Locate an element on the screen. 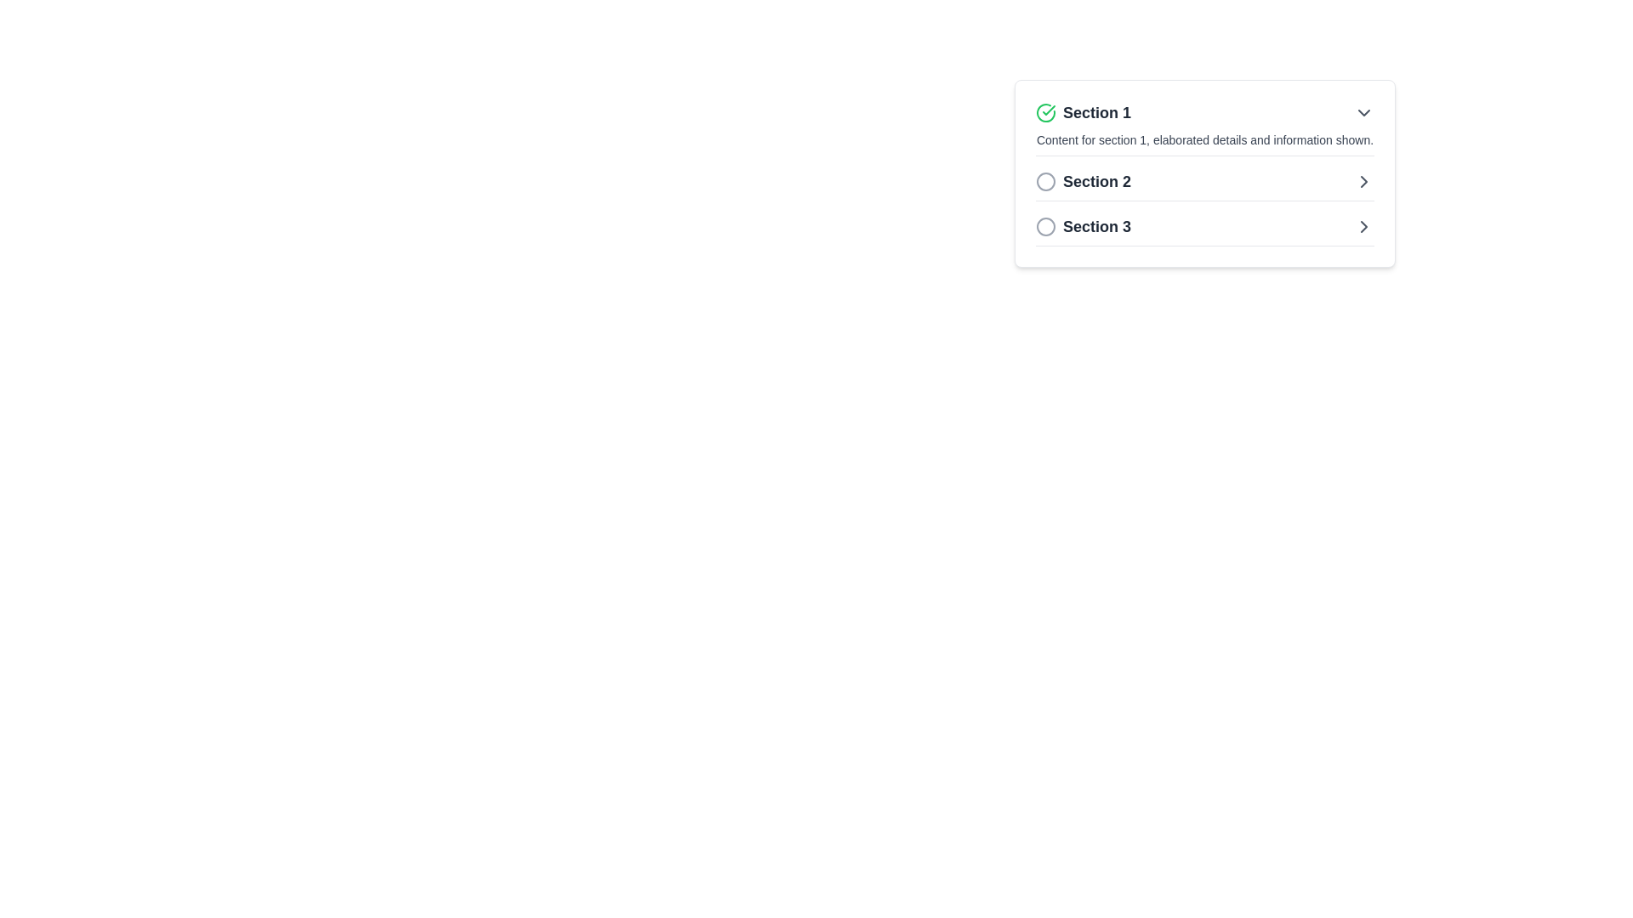 The height and width of the screenshot is (918, 1633). the visual indicator icon that denotes the active or selected state of 'Section 1', positioned at the top-left corner of the 'Section 1' header is located at coordinates (1044, 111).